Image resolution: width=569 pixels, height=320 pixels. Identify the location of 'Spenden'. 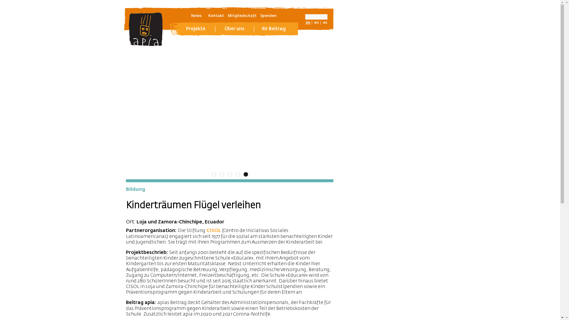
(268, 16).